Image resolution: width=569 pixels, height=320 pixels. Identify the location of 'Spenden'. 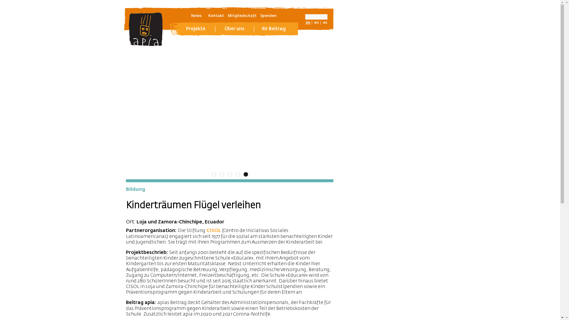
(268, 16).